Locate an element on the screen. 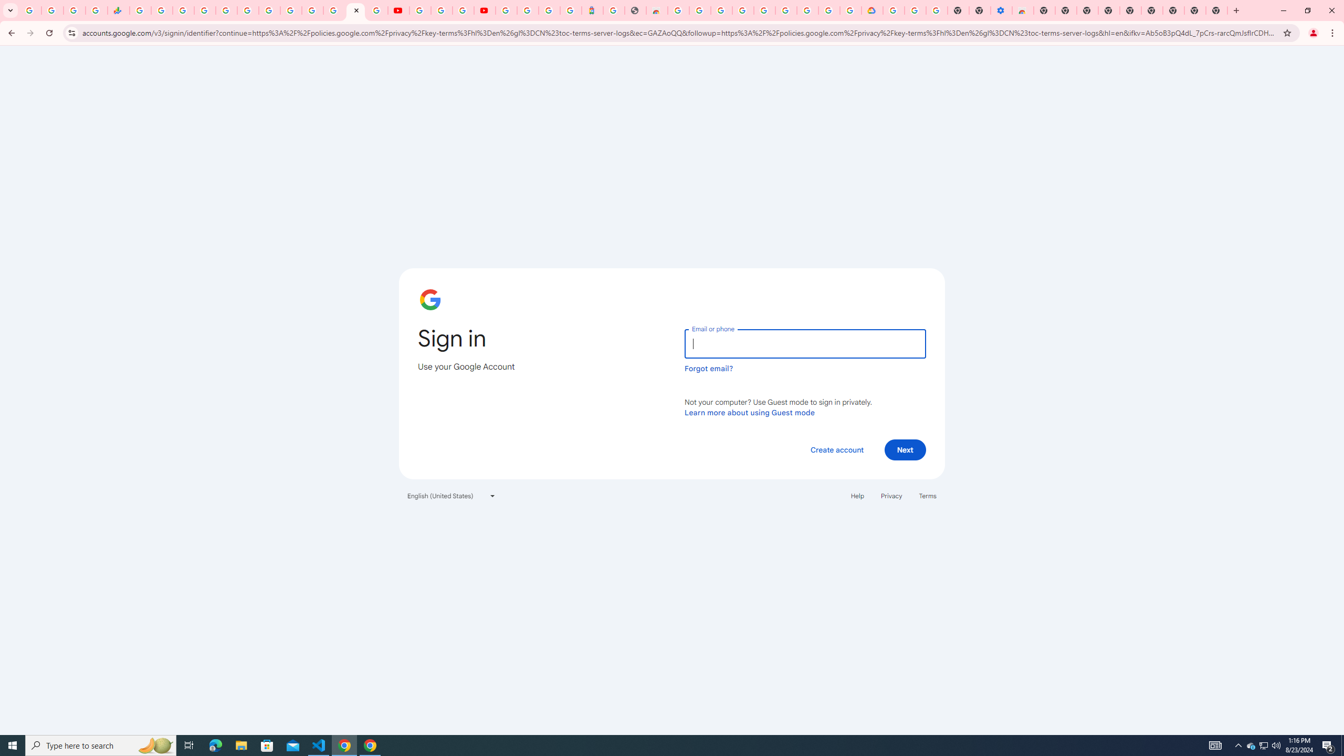  'Learn more about using Guest mode' is located at coordinates (749, 412).